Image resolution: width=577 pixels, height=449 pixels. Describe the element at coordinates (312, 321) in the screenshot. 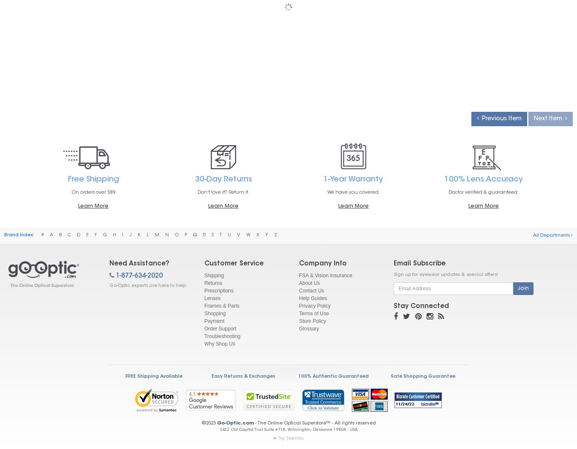

I see `'Store Policy'` at that location.